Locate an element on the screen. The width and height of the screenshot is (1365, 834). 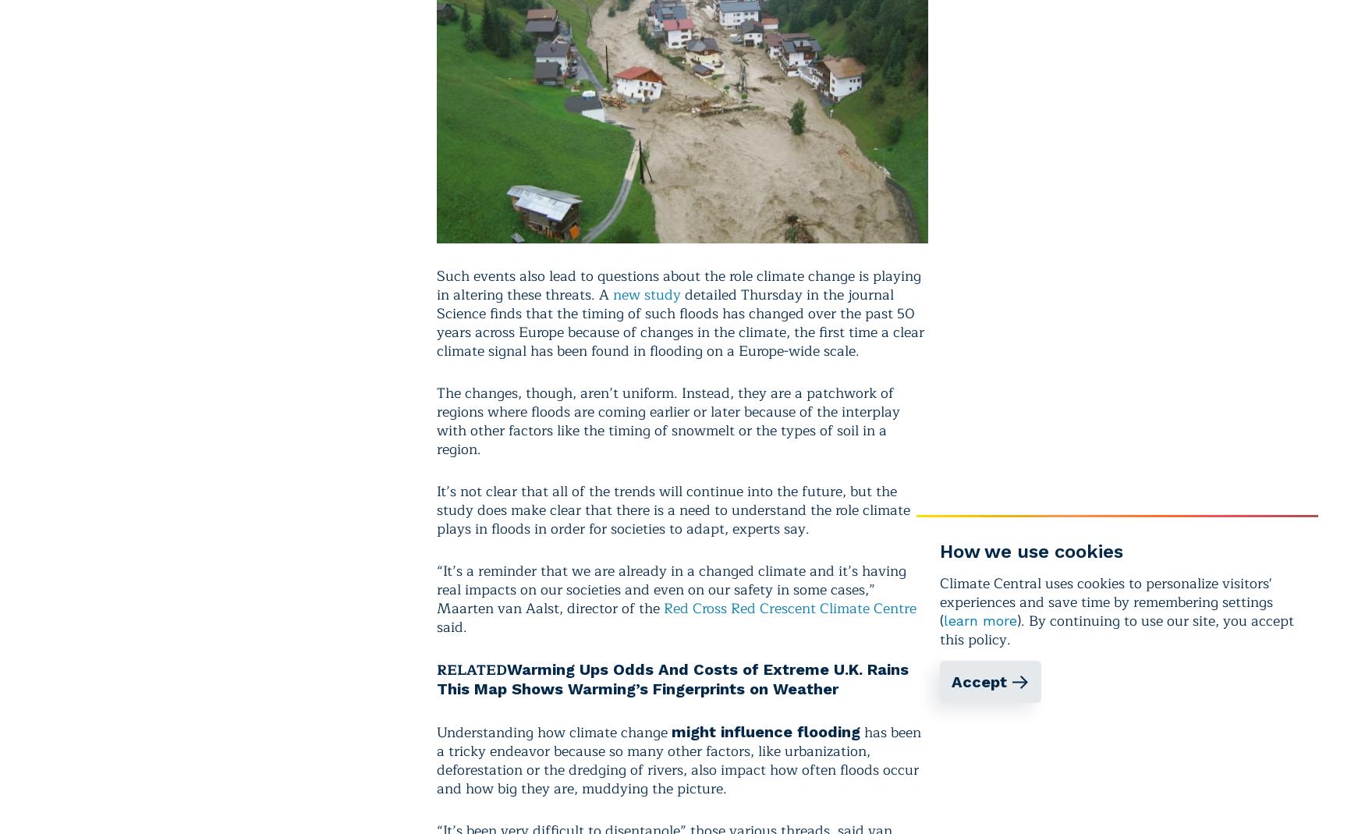
'“It’s a reminder that we are already in a changed climate and it’s having real impacts on our societies and even on our safety in some cases,” Maarten van Aalst, director of the' is located at coordinates (436, 589).